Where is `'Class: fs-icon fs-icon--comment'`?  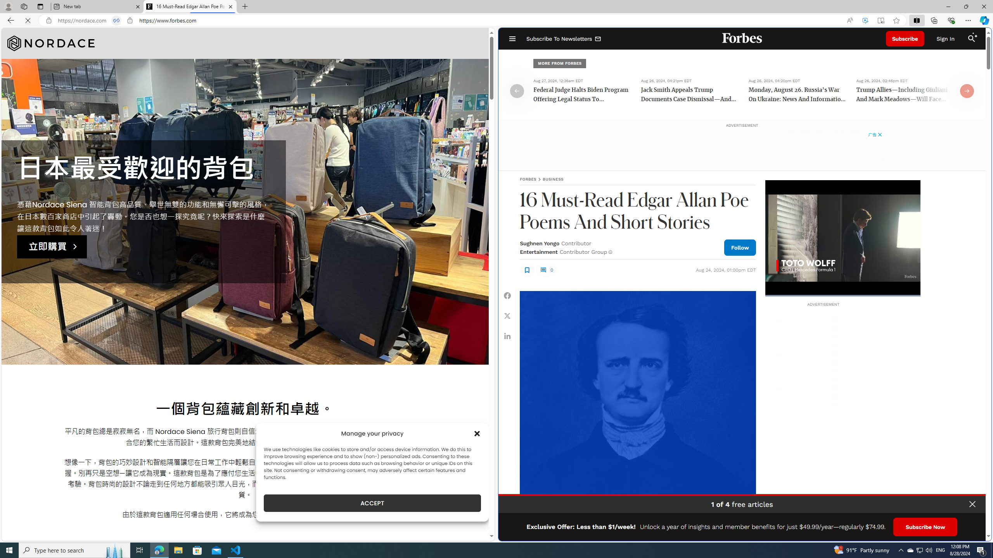 'Class: fs-icon fs-icon--comment' is located at coordinates (543, 270).